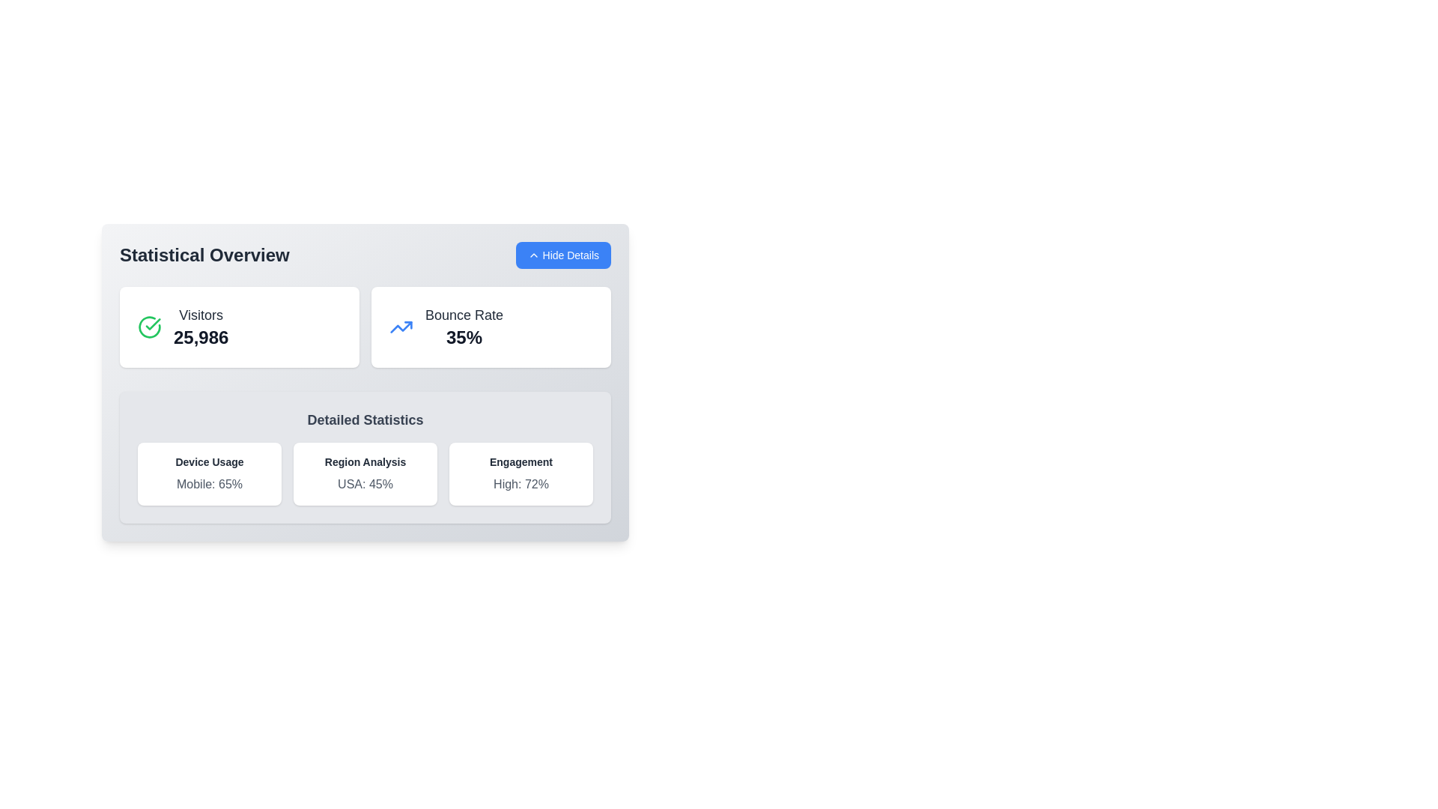  What do you see at coordinates (463, 338) in the screenshot?
I see `value displayed in the large, bold text label showing '35%' associated with the 'Bounce Rate' label` at bounding box center [463, 338].